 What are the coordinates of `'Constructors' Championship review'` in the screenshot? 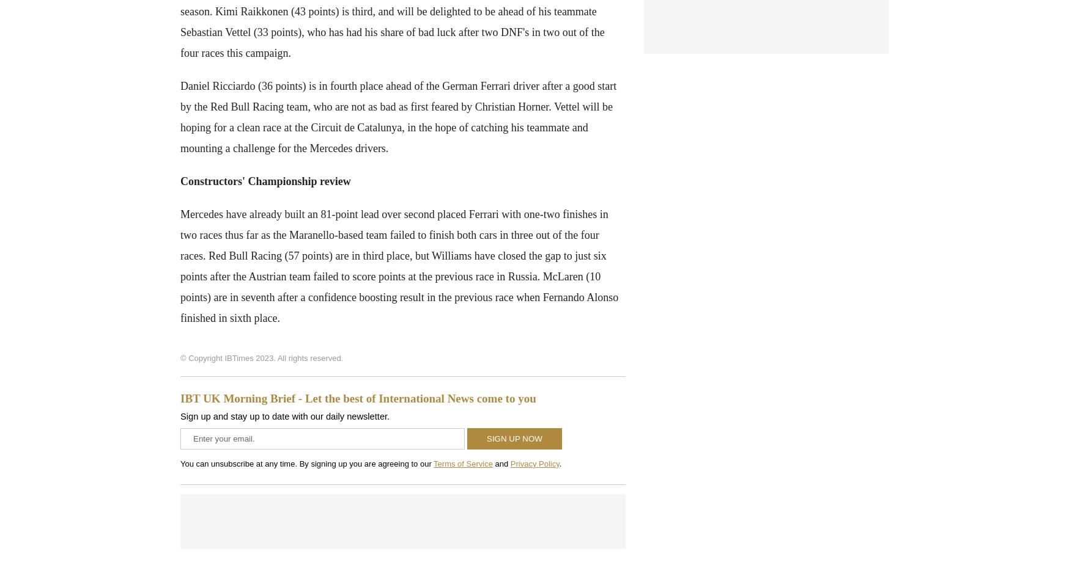 It's located at (180, 181).